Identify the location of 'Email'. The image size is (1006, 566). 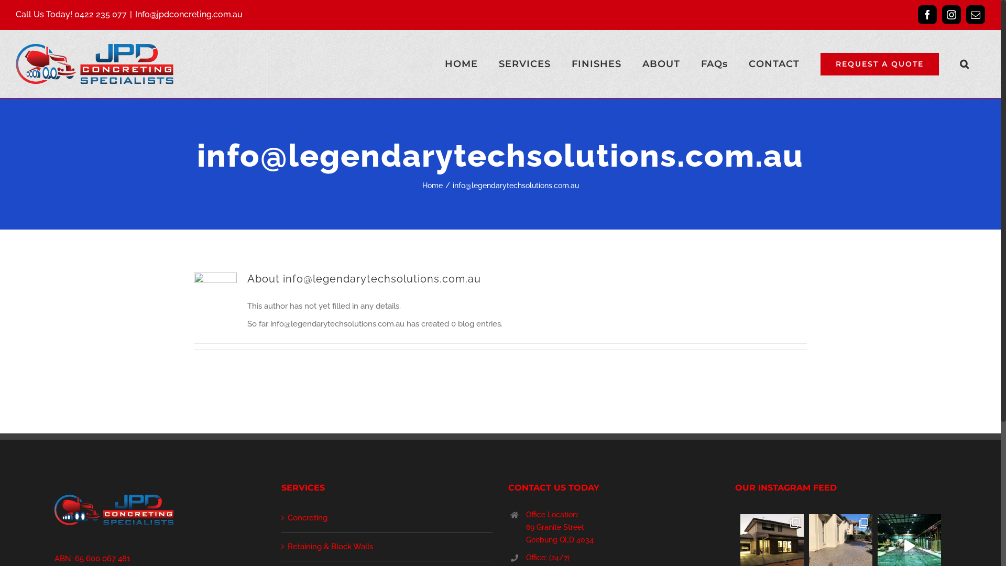
(975, 14).